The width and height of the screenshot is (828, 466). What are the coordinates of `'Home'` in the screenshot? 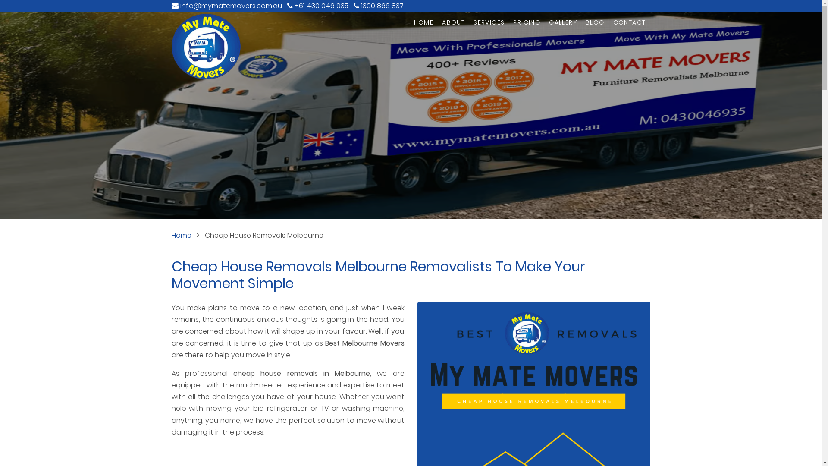 It's located at (181, 235).